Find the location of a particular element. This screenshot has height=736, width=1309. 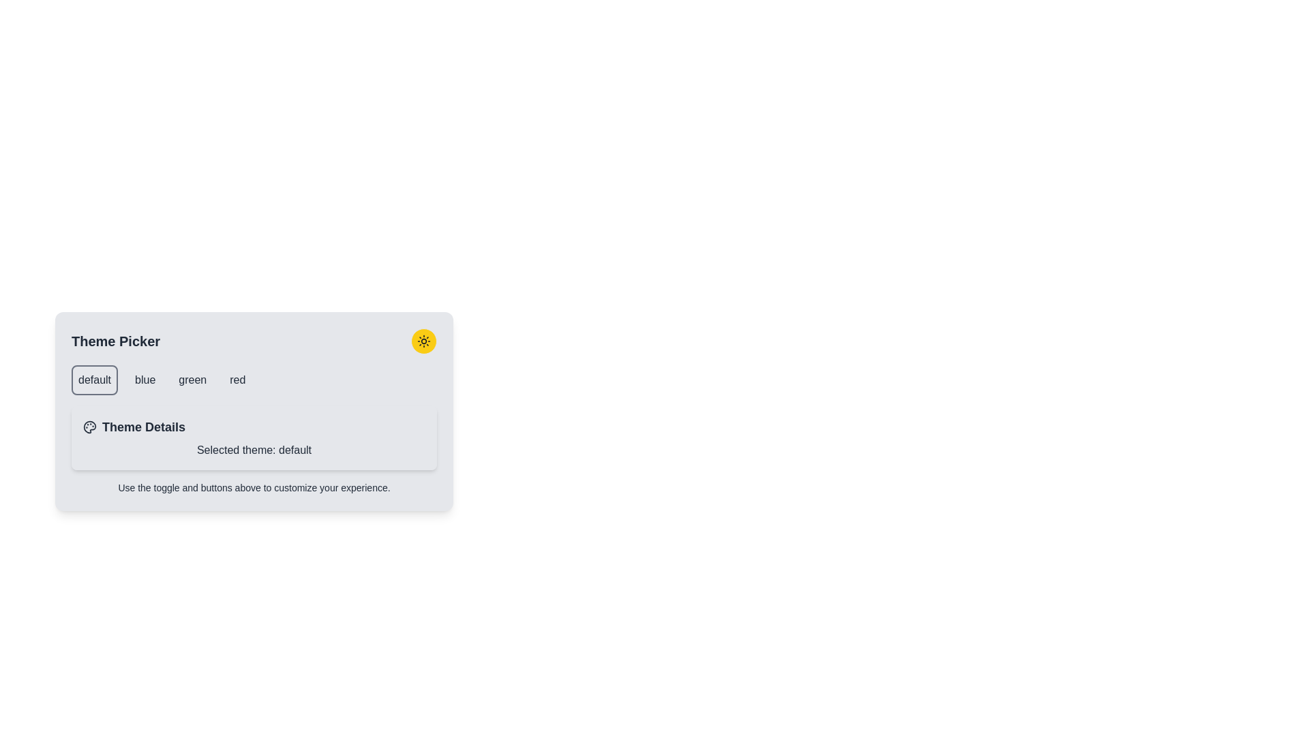

the 'red' button in the Theme Picker is located at coordinates (237, 380).